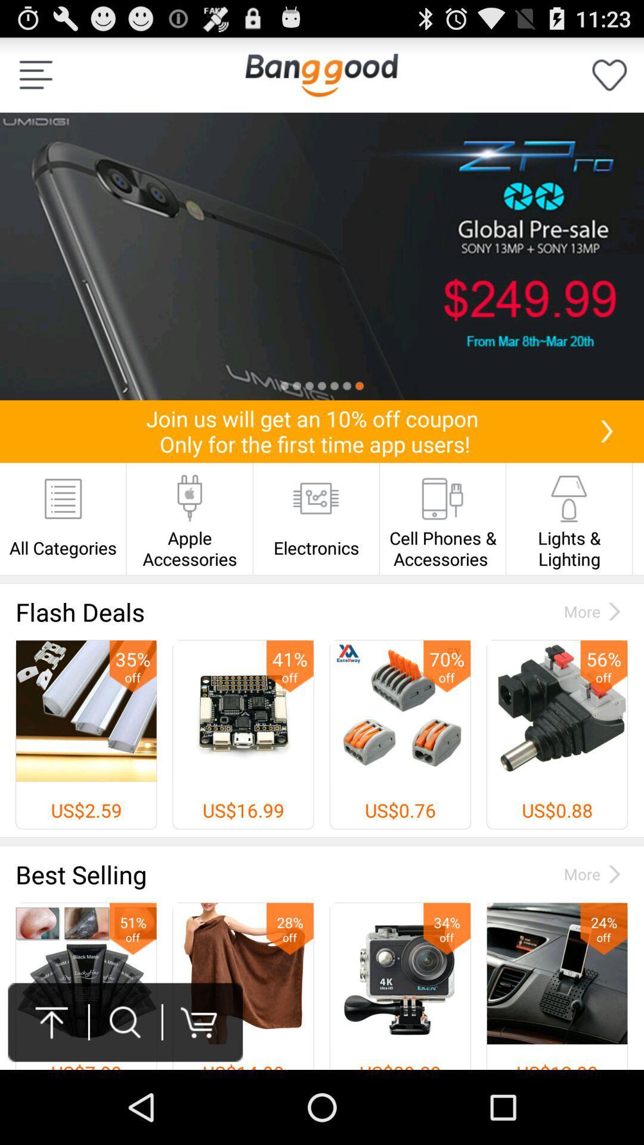 The width and height of the screenshot is (644, 1145). What do you see at coordinates (322, 256) in the screenshot?
I see `listing` at bounding box center [322, 256].